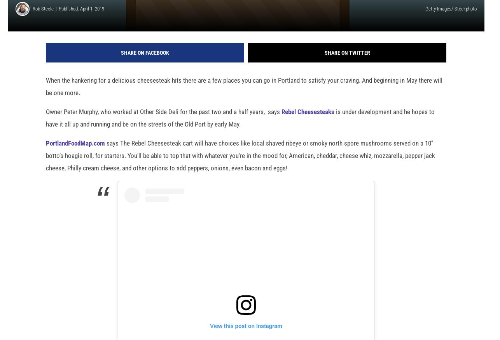 This screenshot has width=500, height=340. What do you see at coordinates (240, 130) in the screenshot?
I see `'is under development and he hopes to have it all up and running and be on the streets of the Old Port by early May.'` at bounding box center [240, 130].